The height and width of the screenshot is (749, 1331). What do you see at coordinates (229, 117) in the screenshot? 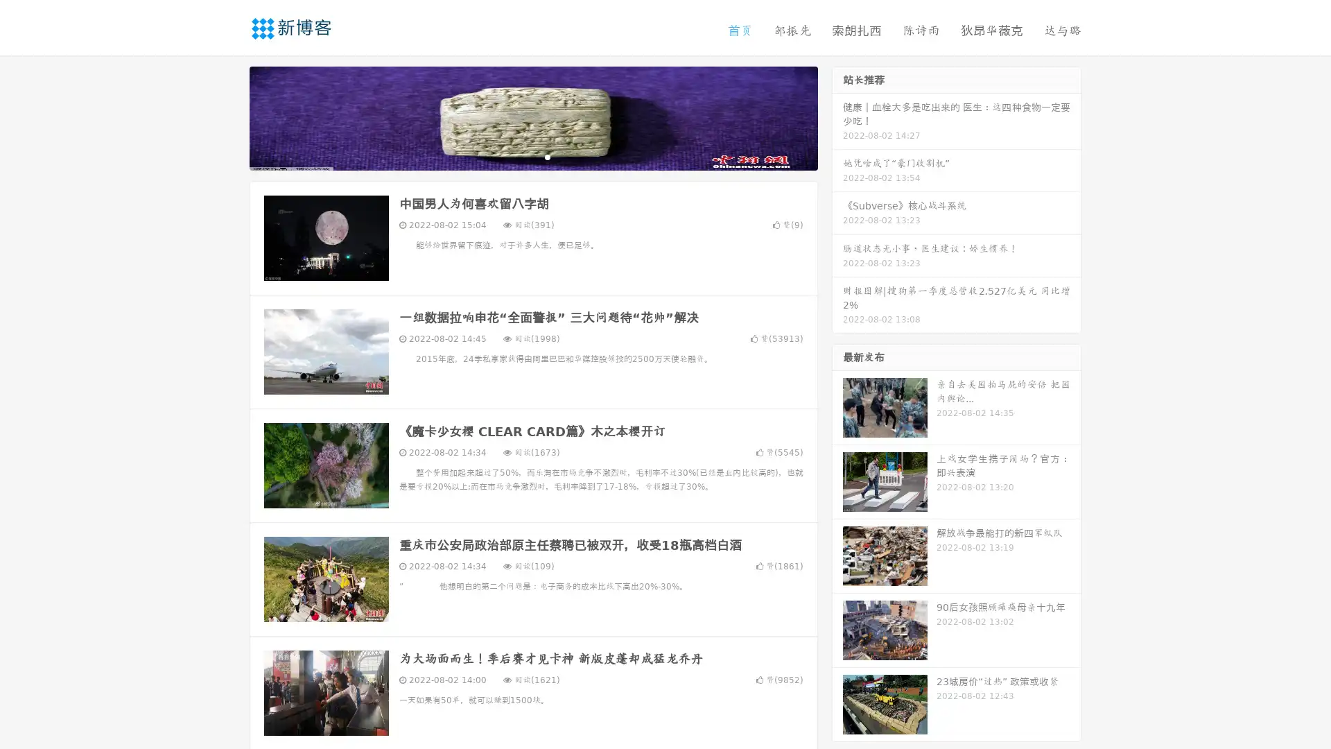
I see `Previous slide` at bounding box center [229, 117].